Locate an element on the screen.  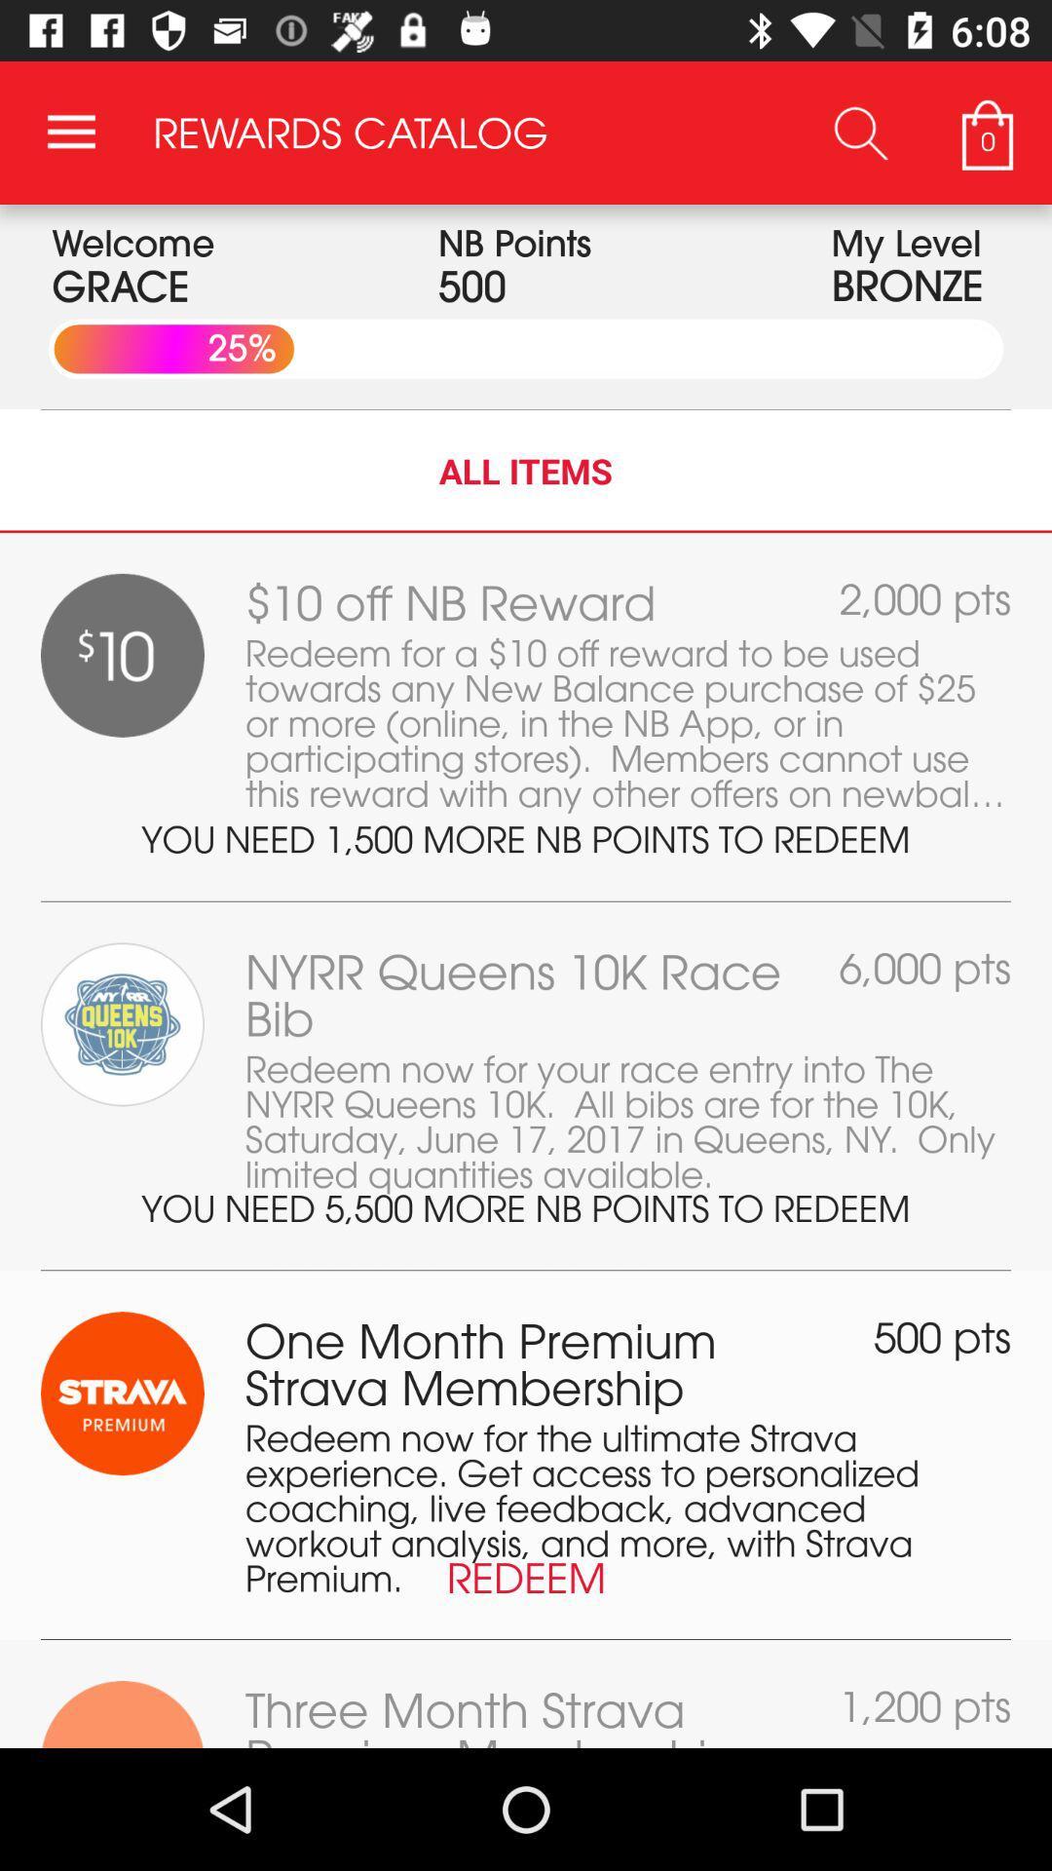
the item next to rewards catalog icon is located at coordinates (860, 132).